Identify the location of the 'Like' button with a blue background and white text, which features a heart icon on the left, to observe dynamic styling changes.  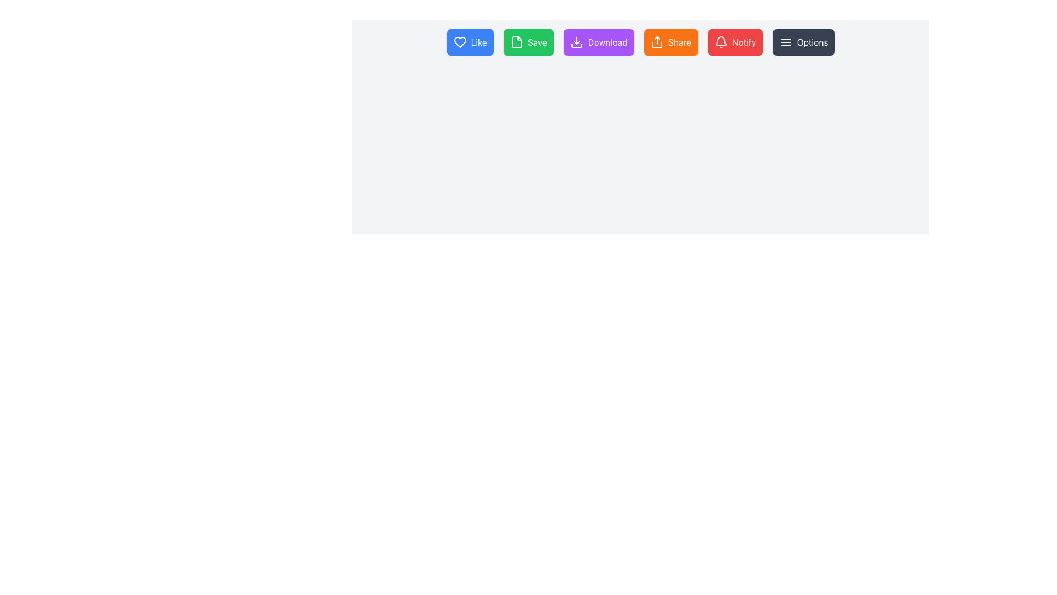
(470, 42).